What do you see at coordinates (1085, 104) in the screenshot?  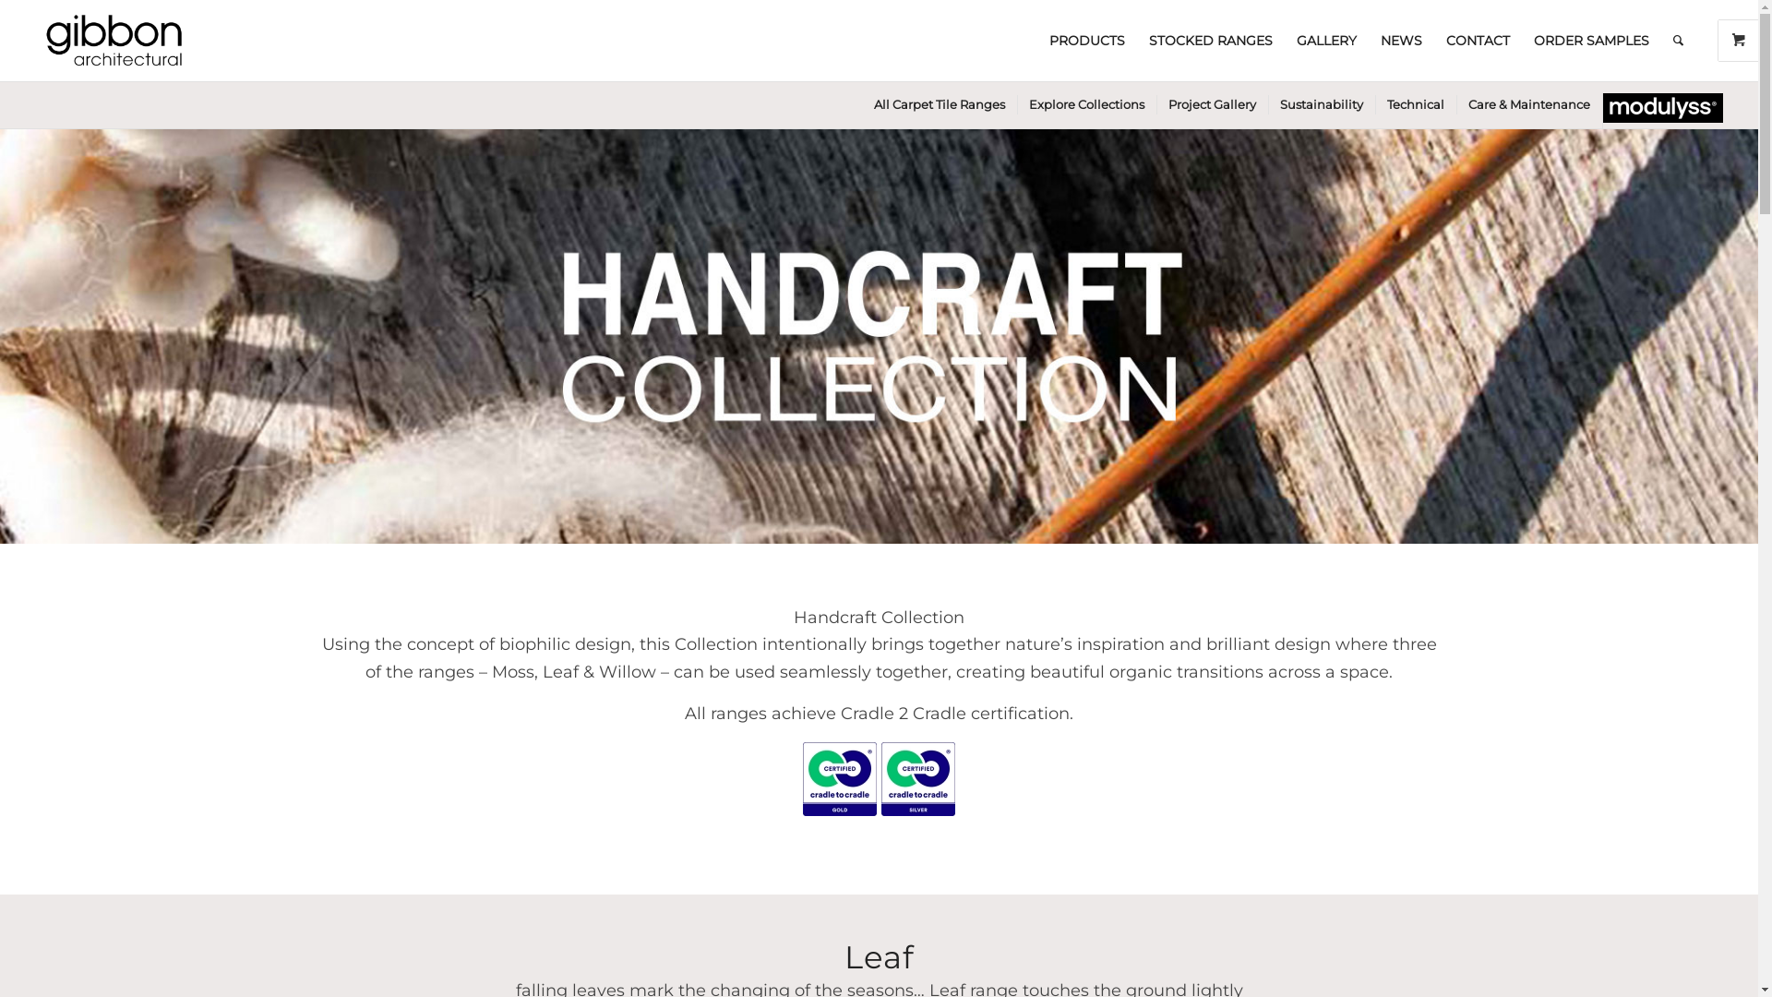 I see `'Explore Collections'` at bounding box center [1085, 104].